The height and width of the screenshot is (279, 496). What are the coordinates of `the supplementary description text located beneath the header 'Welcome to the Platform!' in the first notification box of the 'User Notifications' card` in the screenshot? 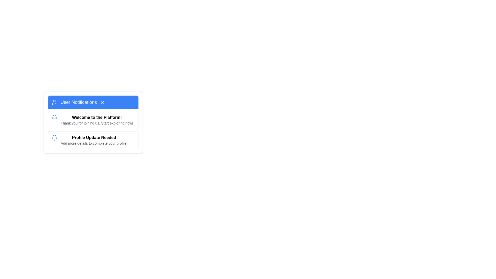 It's located at (97, 123).